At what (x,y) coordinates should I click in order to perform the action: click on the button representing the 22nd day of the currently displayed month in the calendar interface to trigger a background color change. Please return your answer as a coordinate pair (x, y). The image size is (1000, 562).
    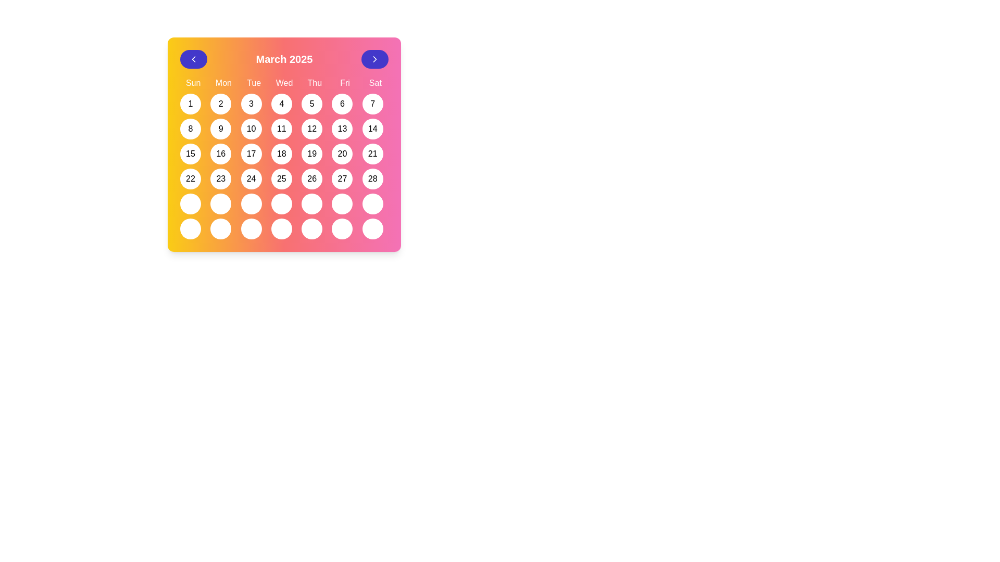
    Looking at the image, I should click on (190, 178).